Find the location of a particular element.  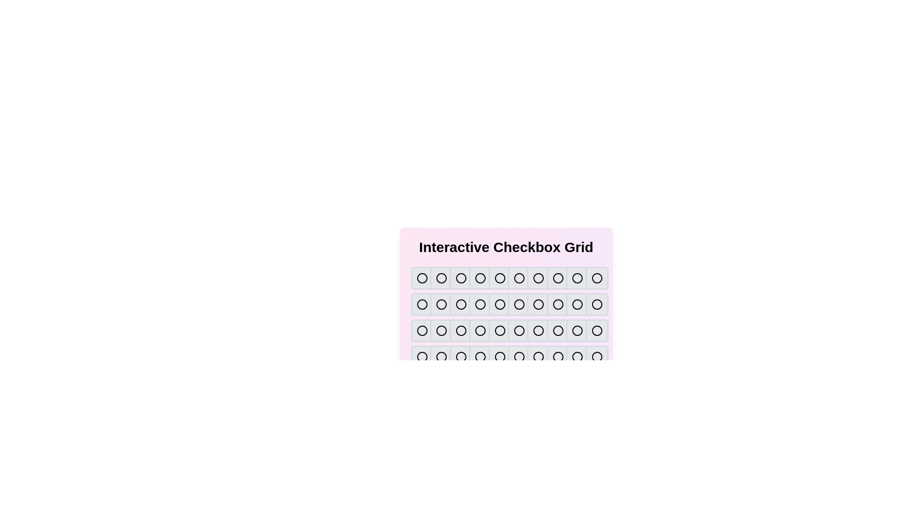

the title text 'Interactive Checkbox Grid' is located at coordinates (506, 247).